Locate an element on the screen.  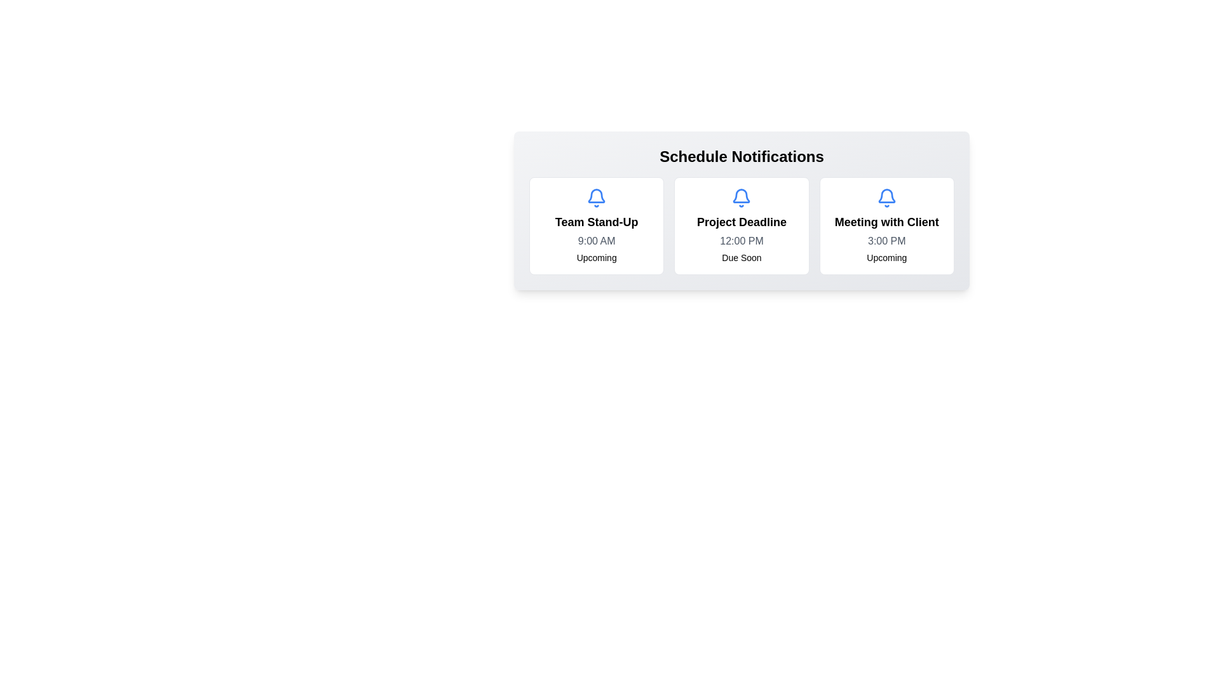
the informational text label displaying '3:00 PM' for the event 'Meeting with Client', located in the third notification card of 'Schedule Notifications' is located at coordinates (886, 241).